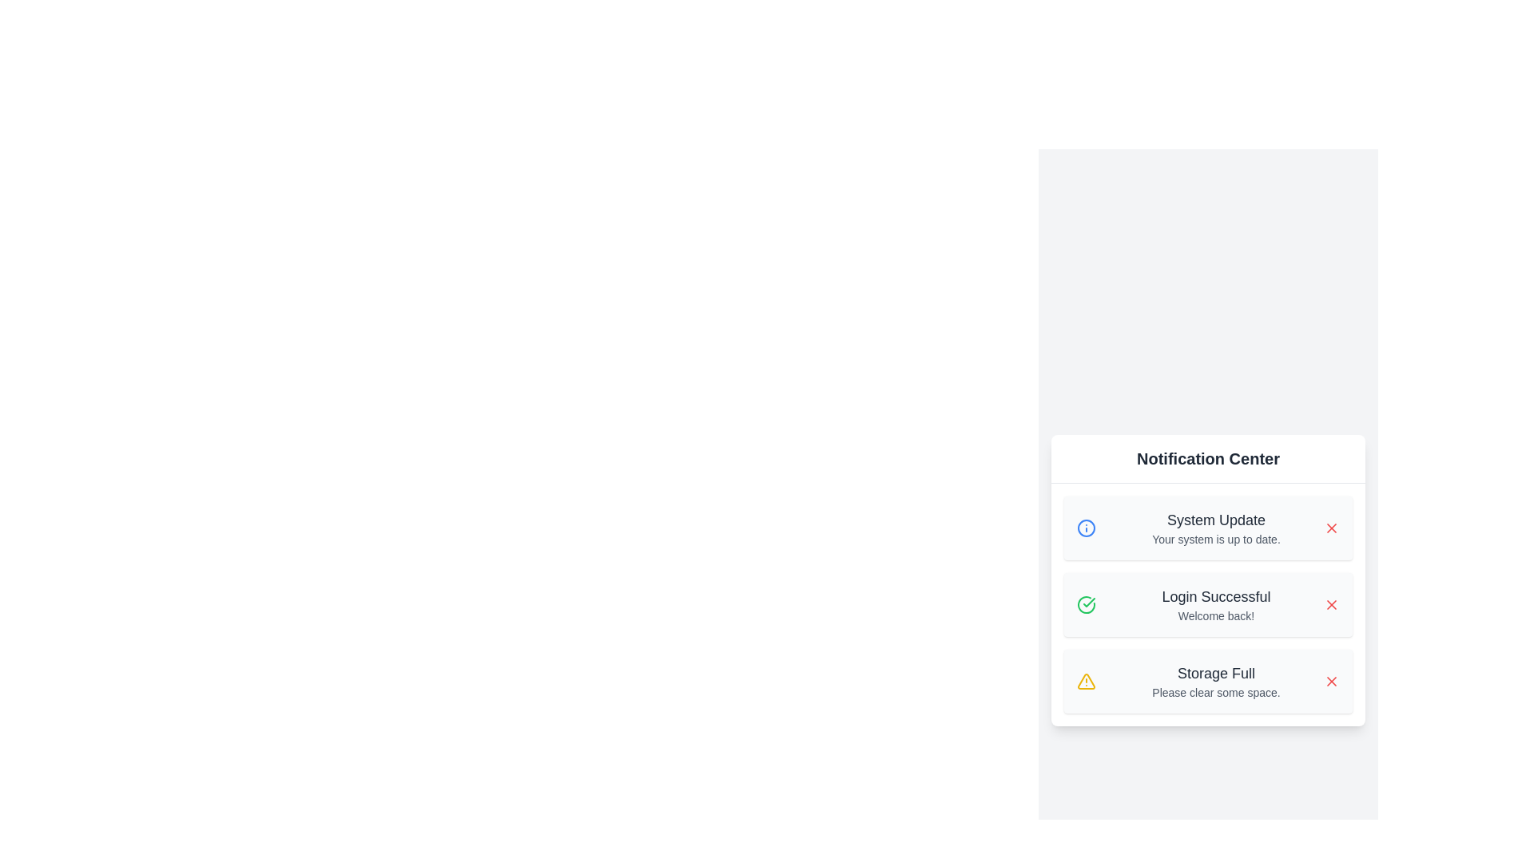 This screenshot has height=862, width=1534. I want to click on the green circular icon with a checkmark, which indicates a successful login, located to the left of the 'Login Successful' notification text, so click(1092, 603).